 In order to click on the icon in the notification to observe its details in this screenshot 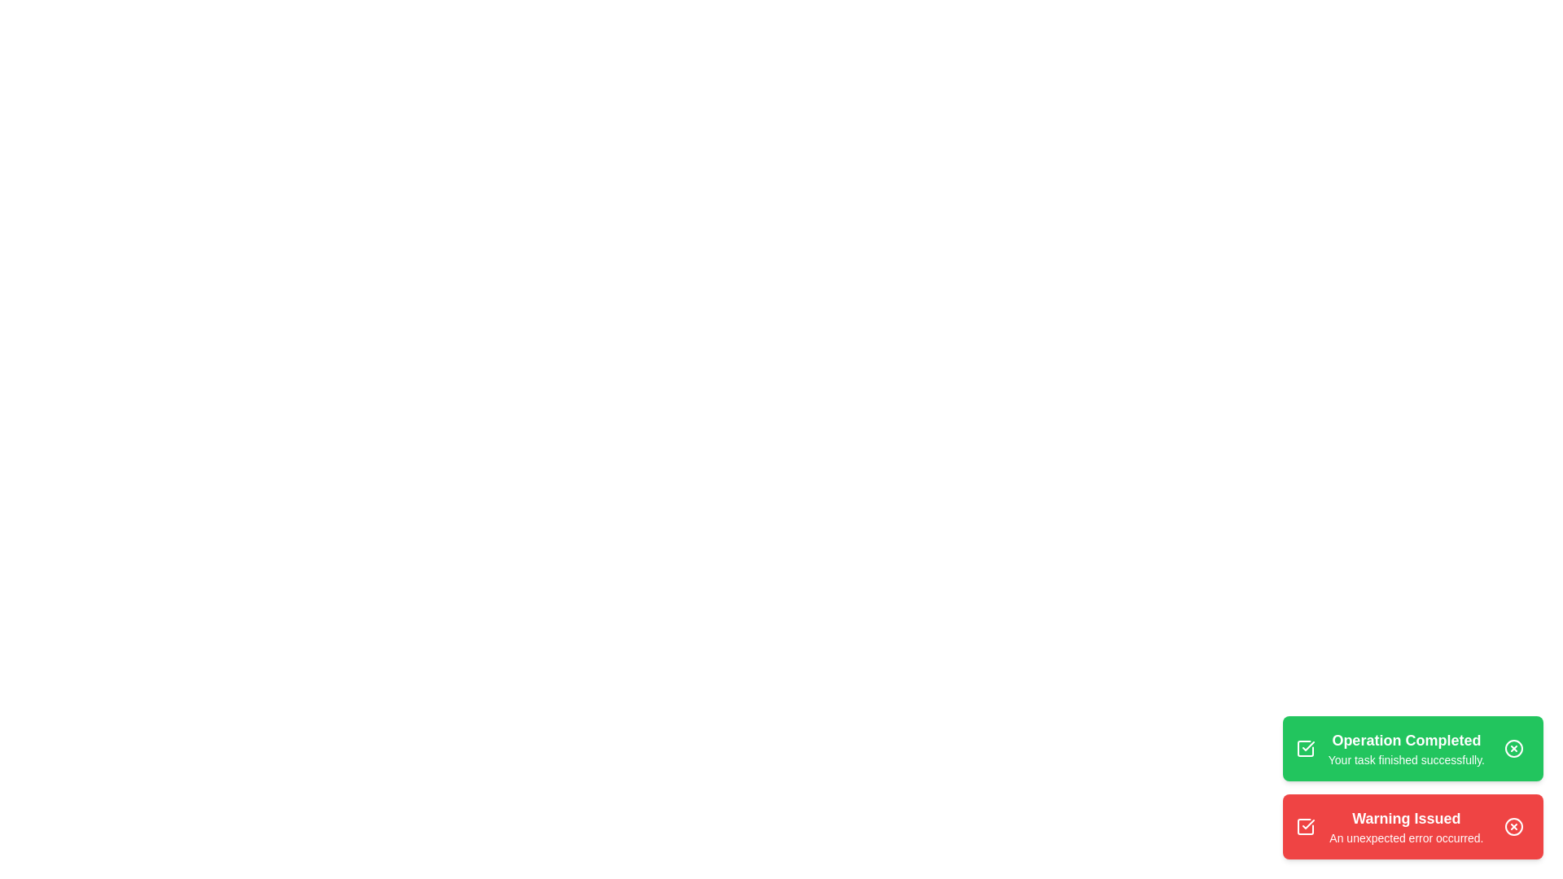, I will do `click(1305, 749)`.